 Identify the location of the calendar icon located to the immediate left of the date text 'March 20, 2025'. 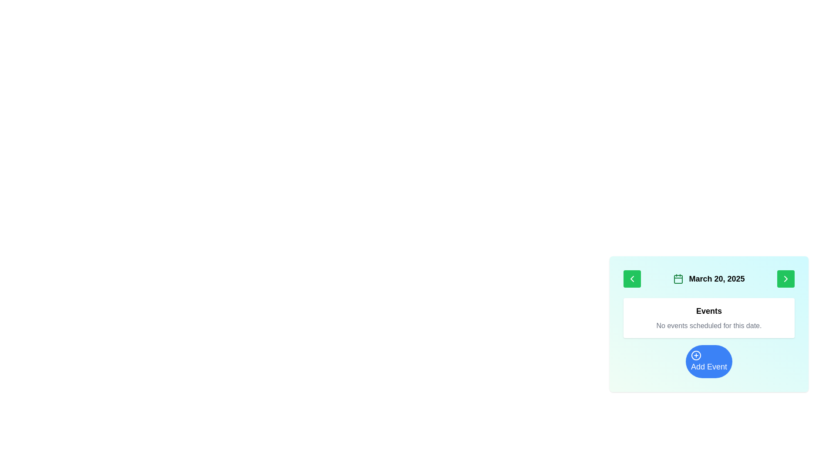
(678, 279).